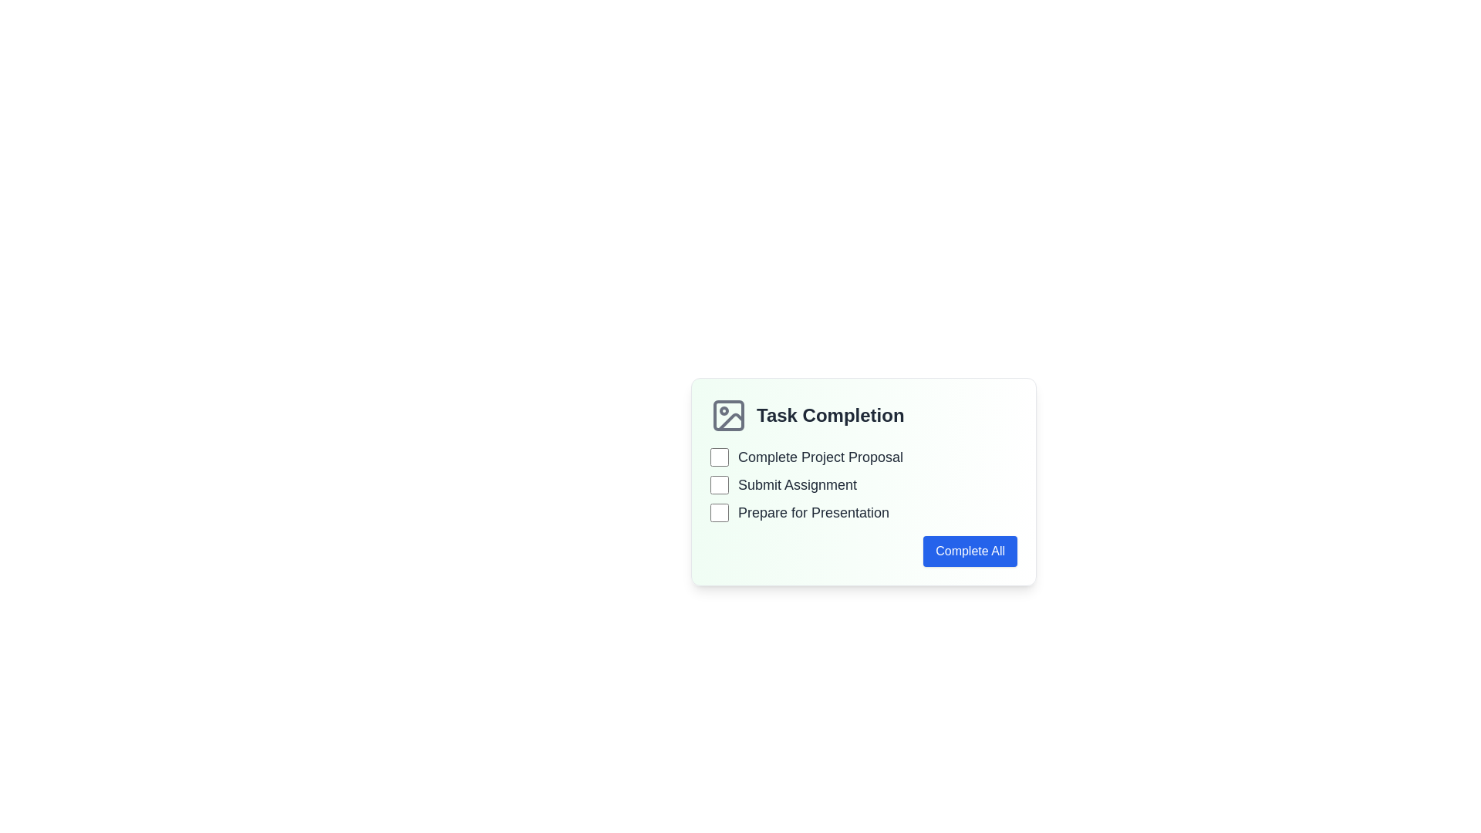  I want to click on the first checkbox for the task 'Complete Project Proposal', so click(718, 457).